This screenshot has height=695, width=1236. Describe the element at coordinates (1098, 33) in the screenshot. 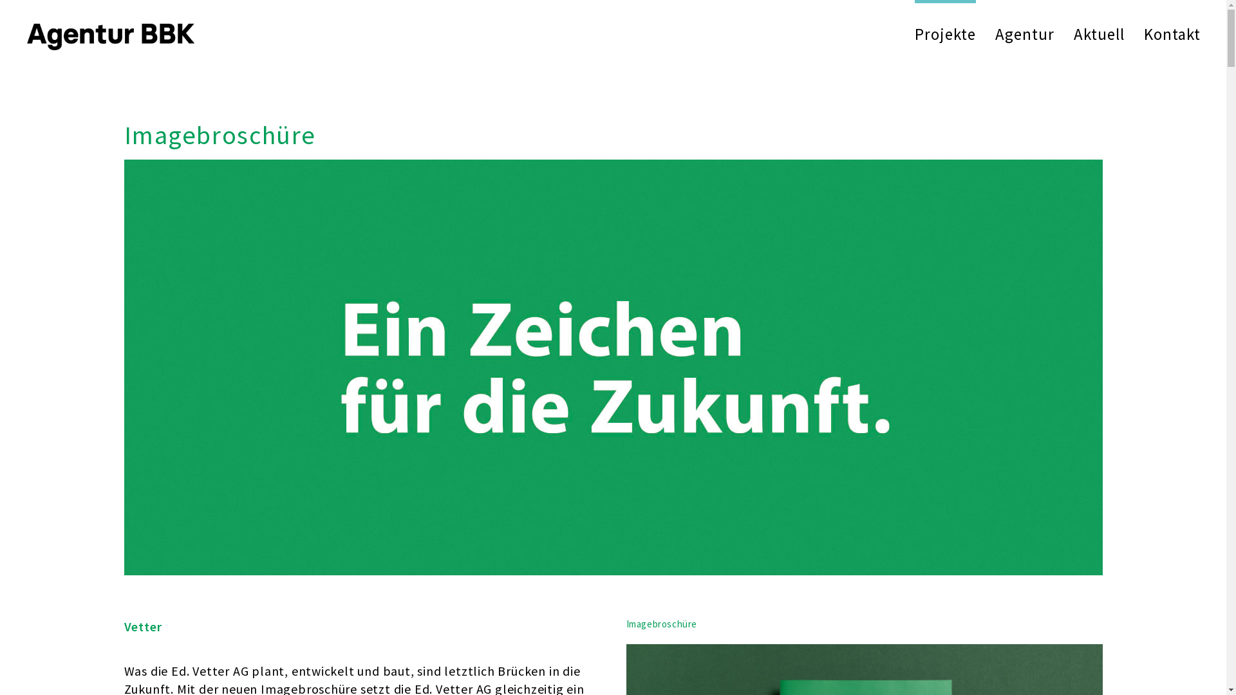

I see `'Aktuell'` at that location.